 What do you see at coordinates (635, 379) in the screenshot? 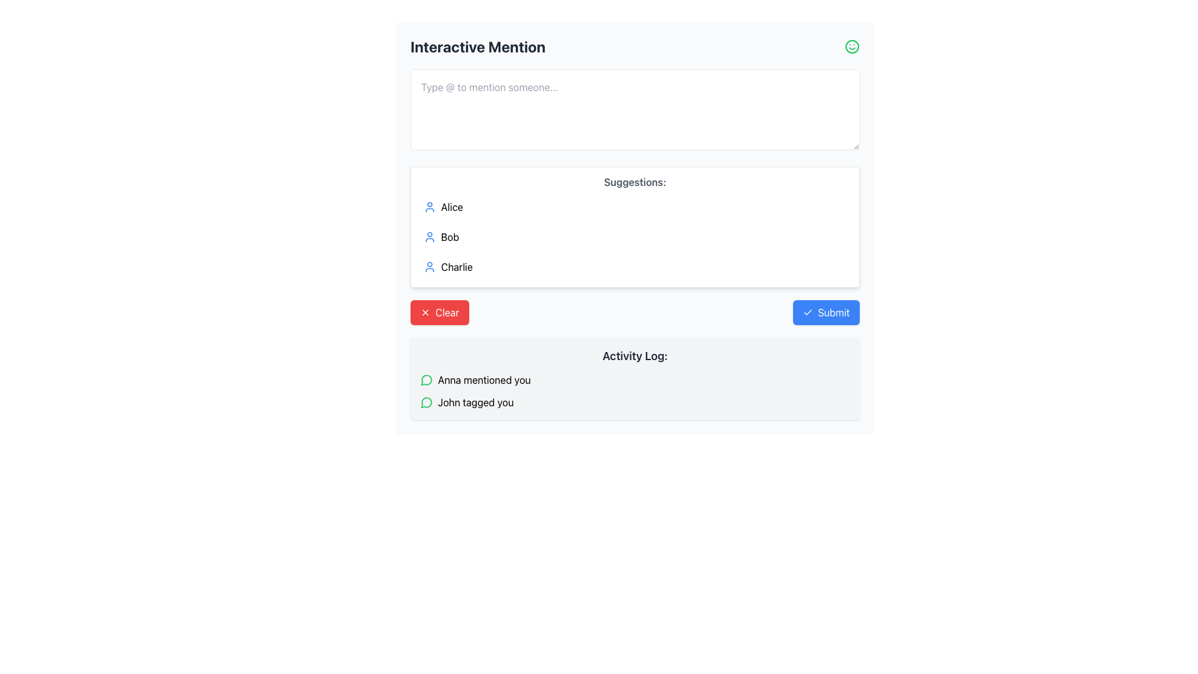
I see `the notification message displaying 'Anna mentioned you,' which is the first notification in the Activity Log section, located below the Suggestions section and to the right of the Clear and Submit buttons` at bounding box center [635, 379].